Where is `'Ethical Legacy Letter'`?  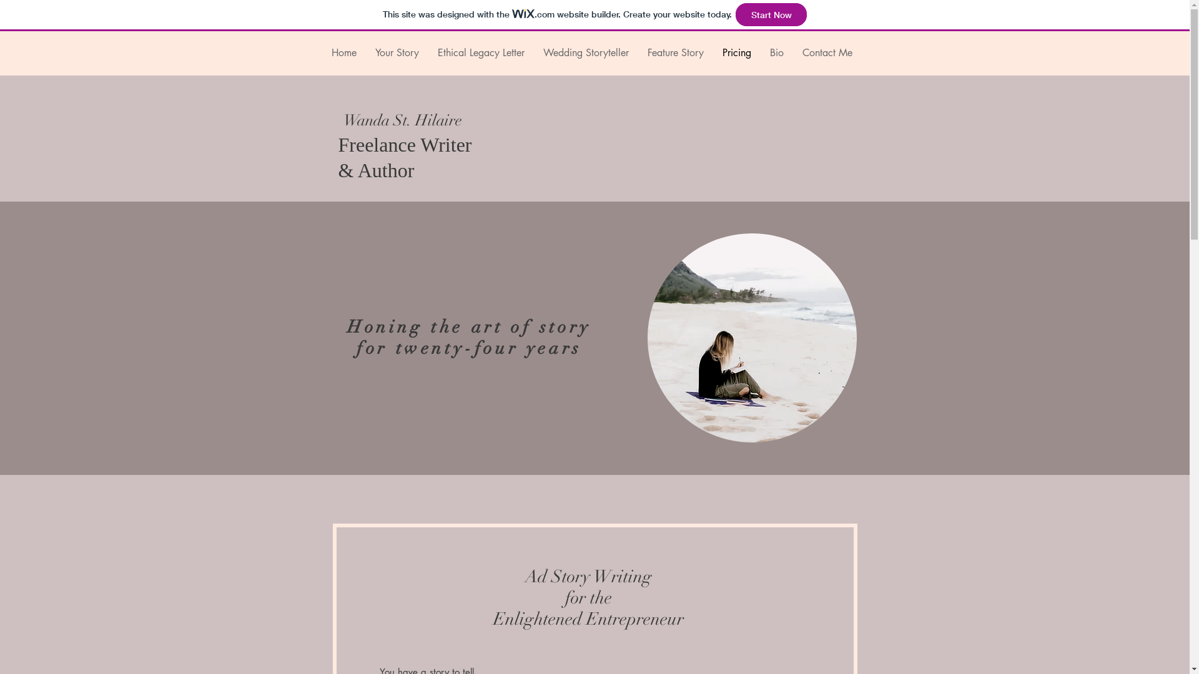 'Ethical Legacy Letter' is located at coordinates (480, 52).